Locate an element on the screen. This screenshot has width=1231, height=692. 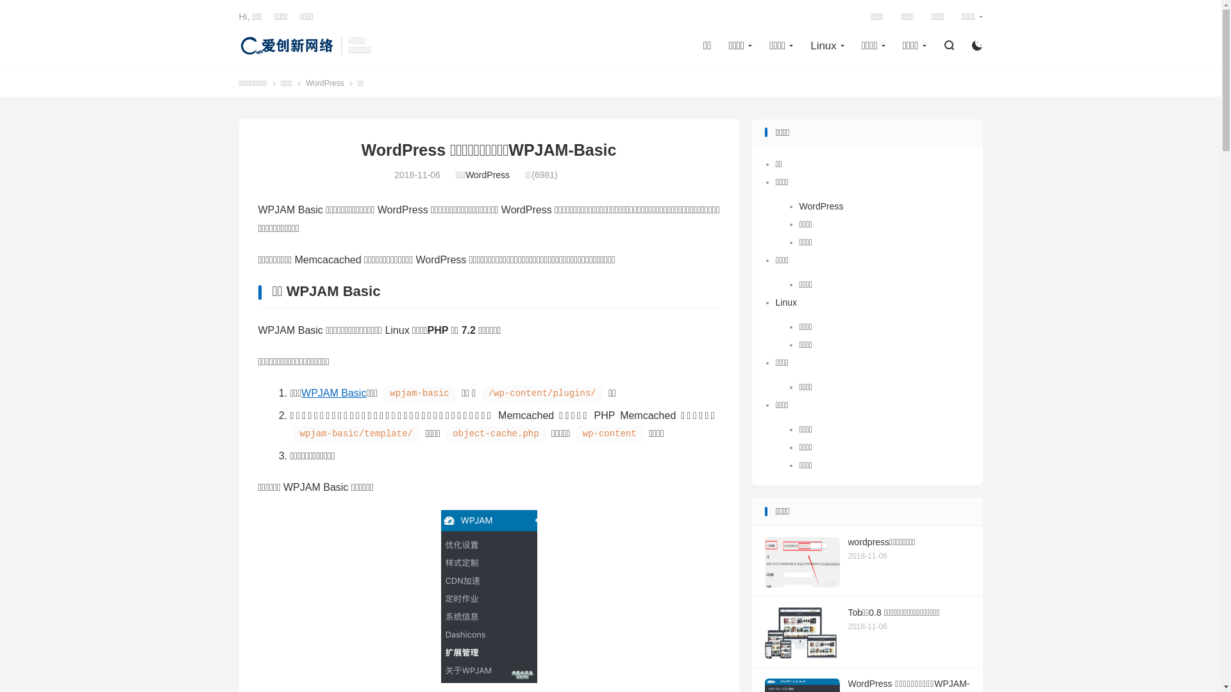
'Linux' is located at coordinates (785, 302).